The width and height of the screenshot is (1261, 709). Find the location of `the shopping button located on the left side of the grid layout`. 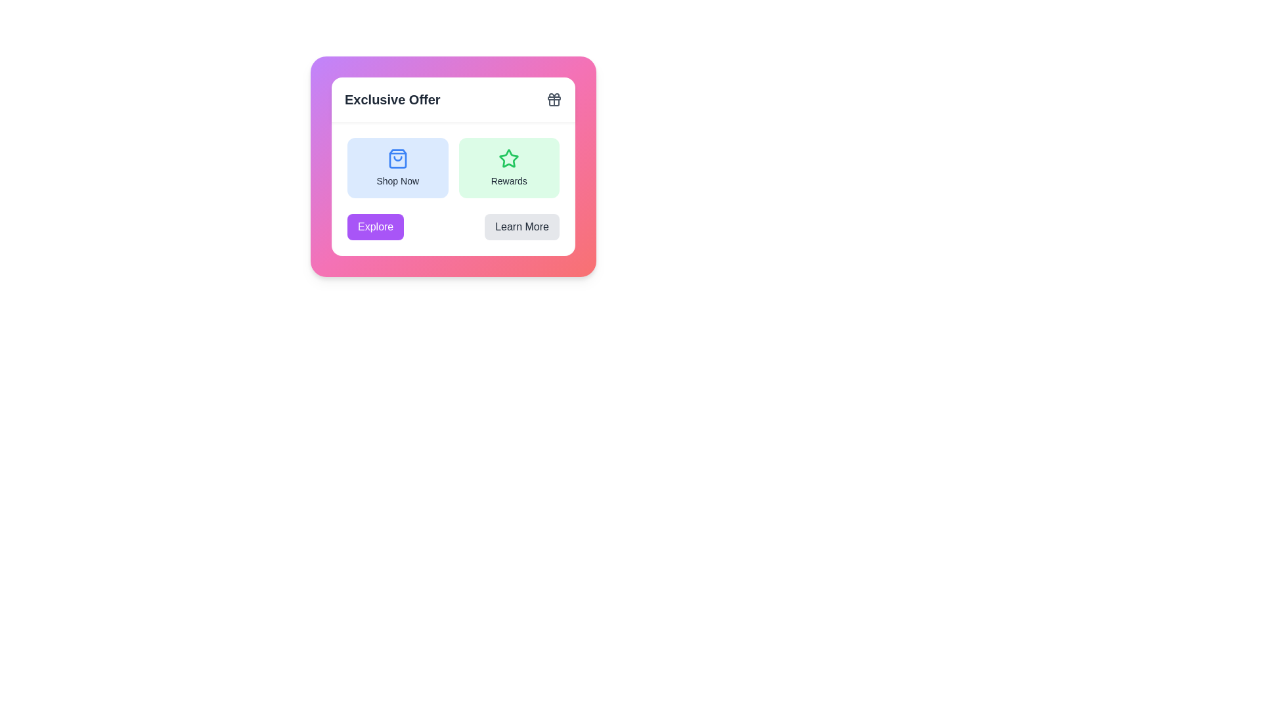

the shopping button located on the left side of the grid layout is located at coordinates (397, 167).